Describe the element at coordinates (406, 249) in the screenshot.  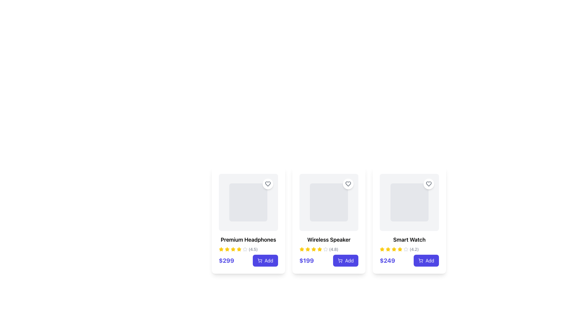
I see `the fifth gray star icon in the rating display below the text 'Smart Watch' and above the numerical rating '(4.2)' and price '$249'` at that location.